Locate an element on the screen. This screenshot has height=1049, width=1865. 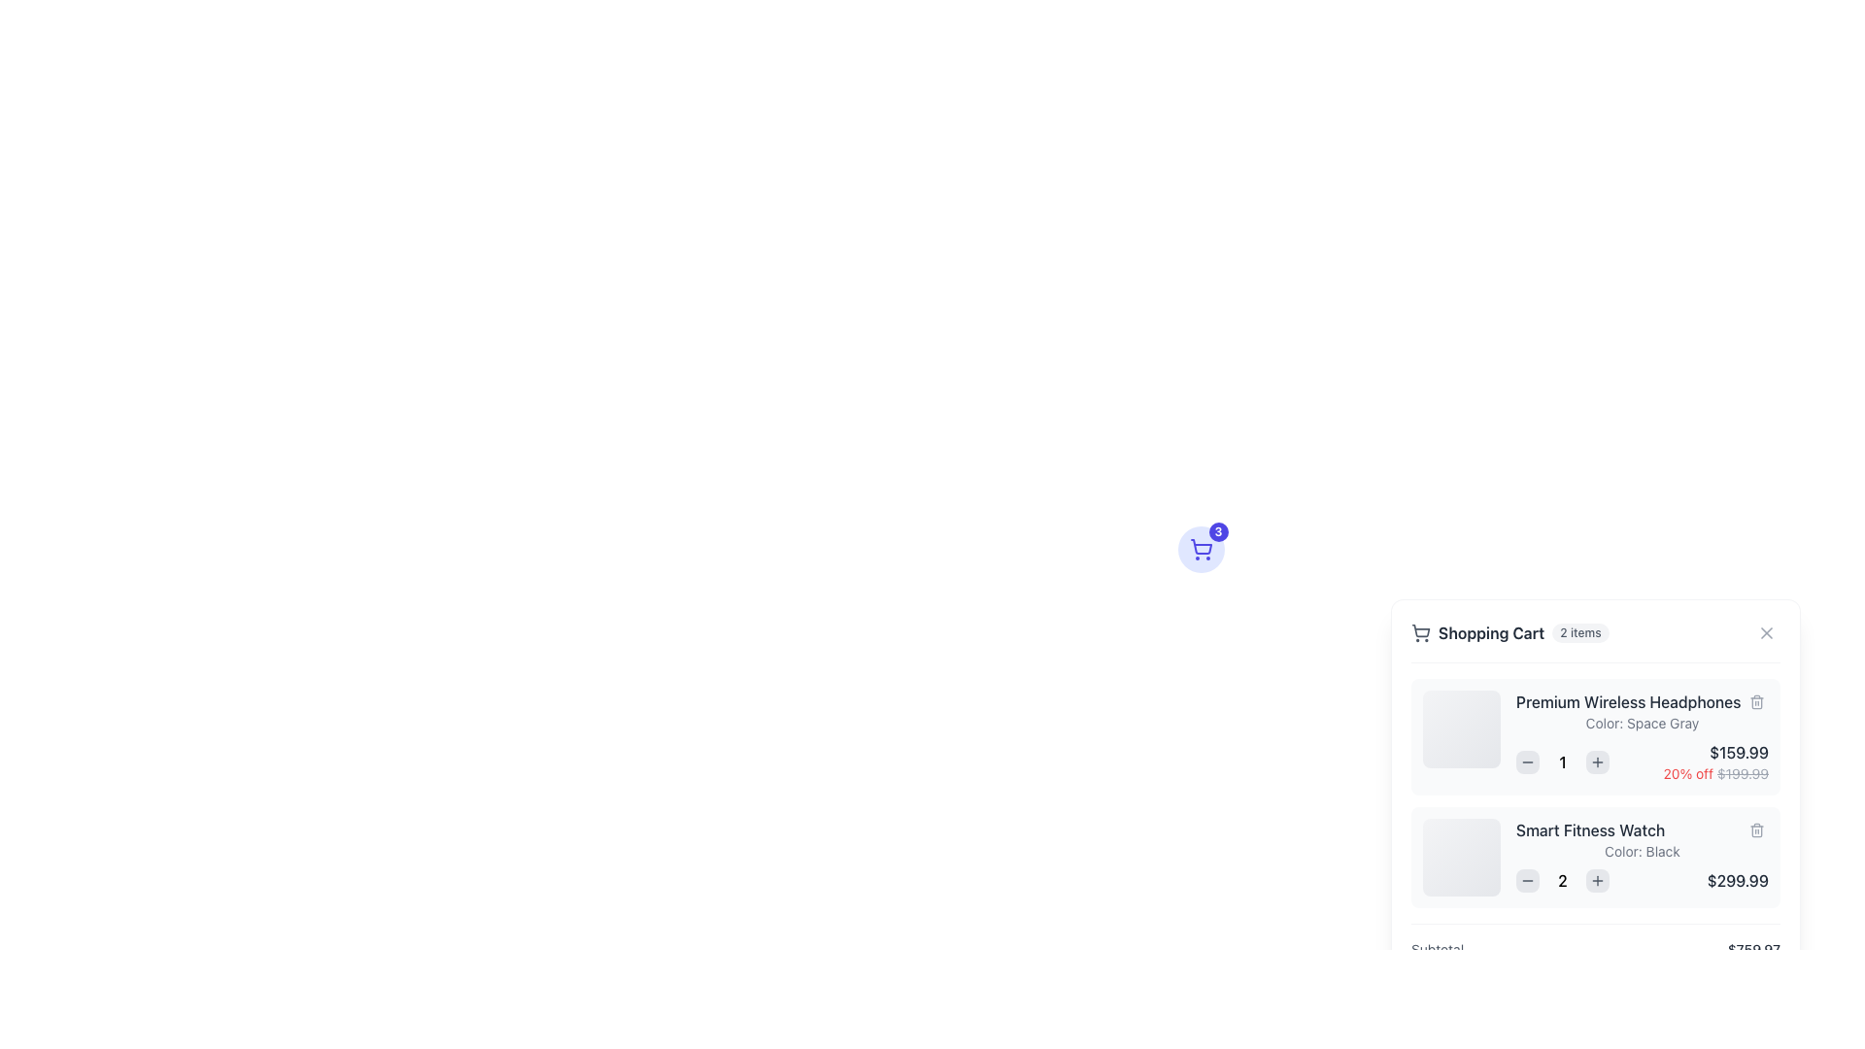
the Header bar displaying 'Shopping Cart' and the total number of items in the cart is located at coordinates (1595, 640).